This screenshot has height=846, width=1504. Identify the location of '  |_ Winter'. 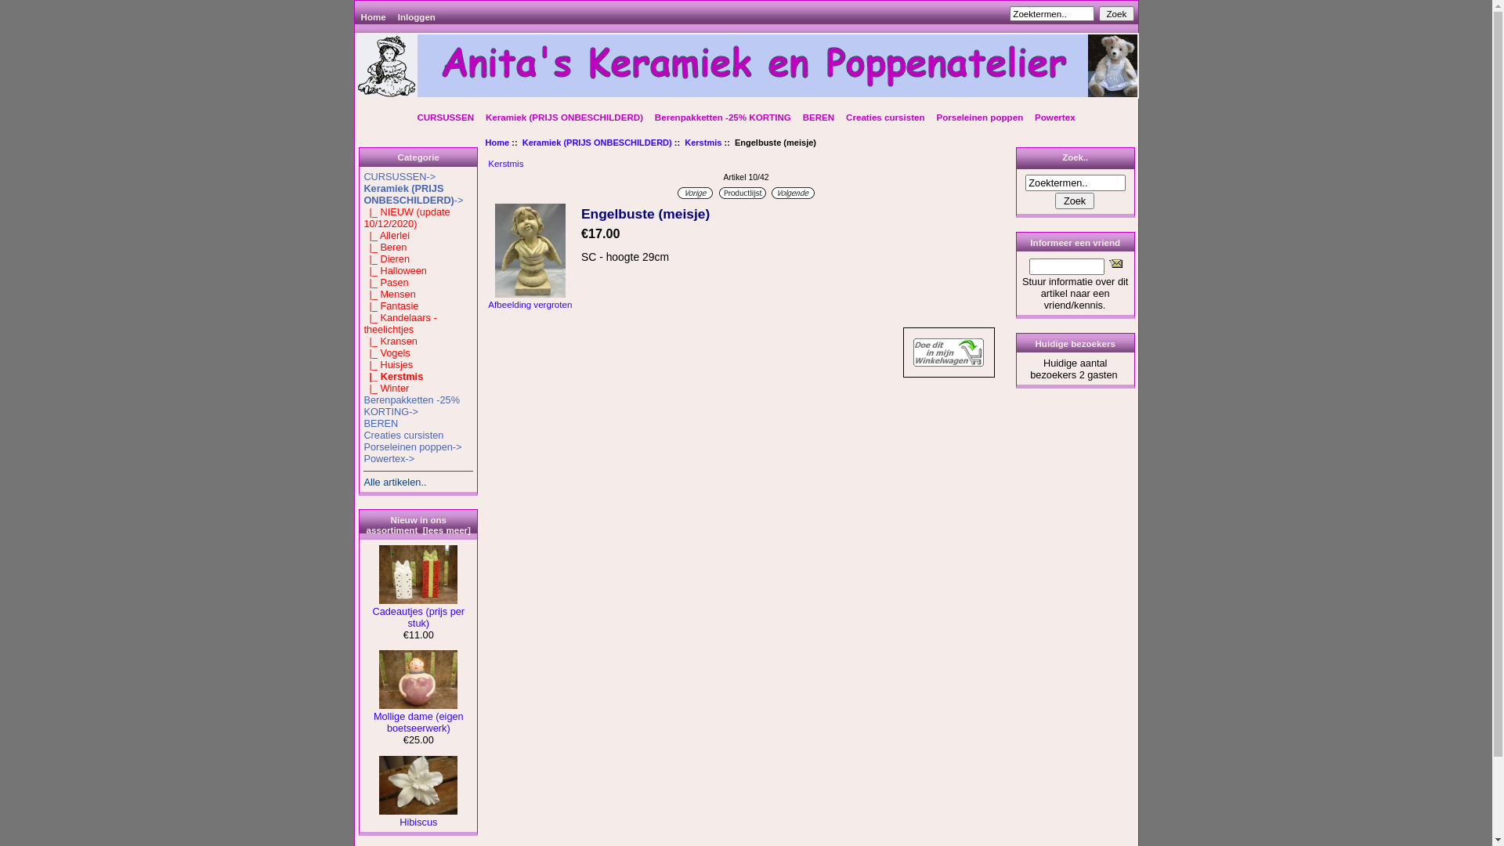
(386, 388).